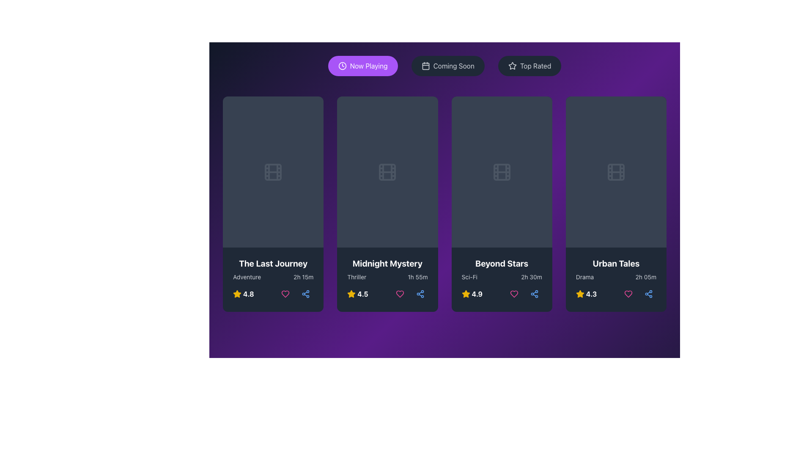  I want to click on the circular graphical decorative element within the 'Now Playing' button located at the top left of the interface, so click(342, 65).